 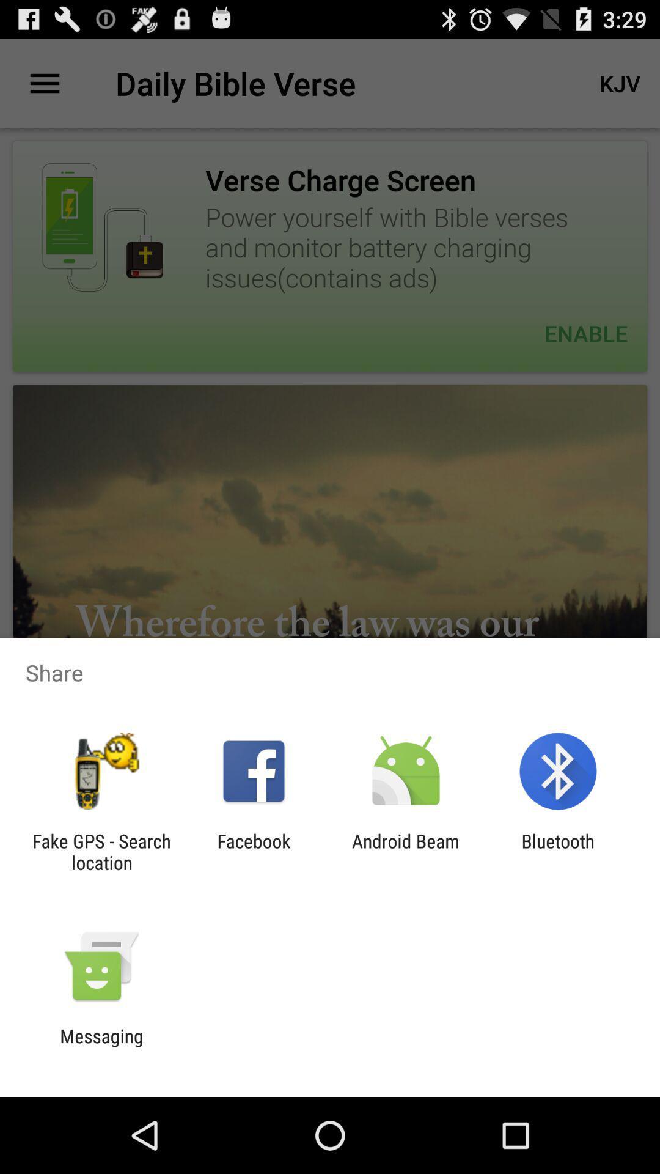 What do you see at coordinates (101, 851) in the screenshot?
I see `the icon to the left of facebook app` at bounding box center [101, 851].